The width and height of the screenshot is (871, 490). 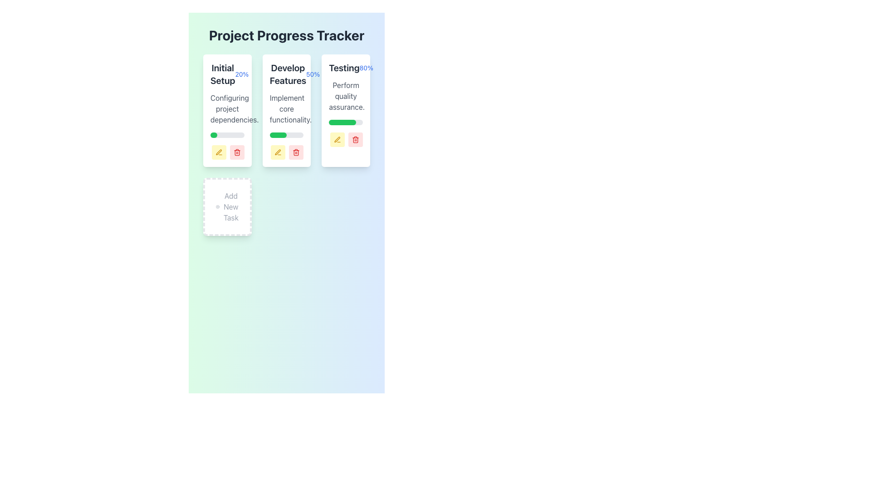 What do you see at coordinates (337, 139) in the screenshot?
I see `the pen icon button with a yellow outline located at the bottom of the 'Develop Features' card` at bounding box center [337, 139].